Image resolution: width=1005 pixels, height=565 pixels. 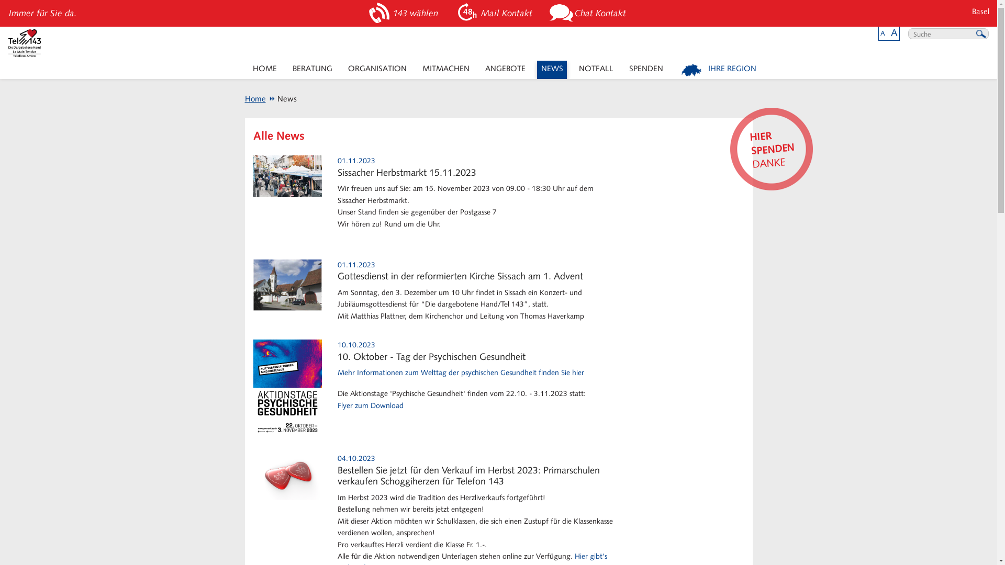 What do you see at coordinates (282, 99) in the screenshot?
I see `'News'` at bounding box center [282, 99].